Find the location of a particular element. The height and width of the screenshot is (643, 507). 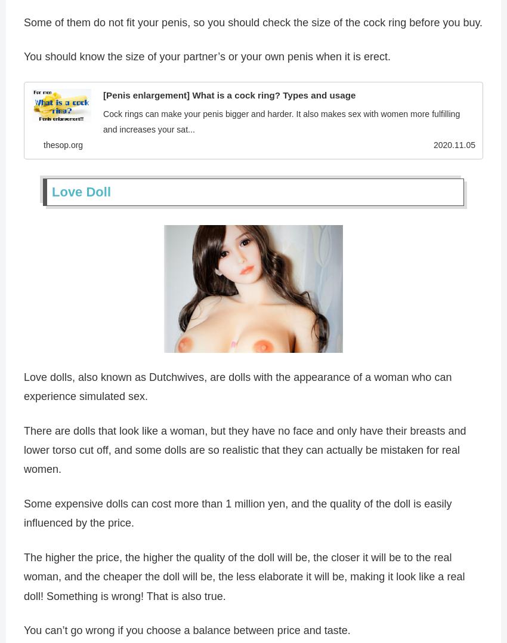

'Cock rings can make your penis bigger and harder. It also makes sex with women more fulfilling and increases your sat...' is located at coordinates (102, 122).